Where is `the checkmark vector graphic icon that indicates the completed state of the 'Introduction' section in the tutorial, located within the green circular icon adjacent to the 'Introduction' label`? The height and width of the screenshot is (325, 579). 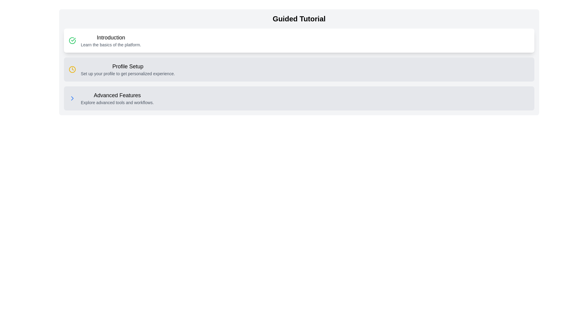
the checkmark vector graphic icon that indicates the completed state of the 'Introduction' section in the tutorial, located within the green circular icon adjacent to the 'Introduction' label is located at coordinates (73, 39).